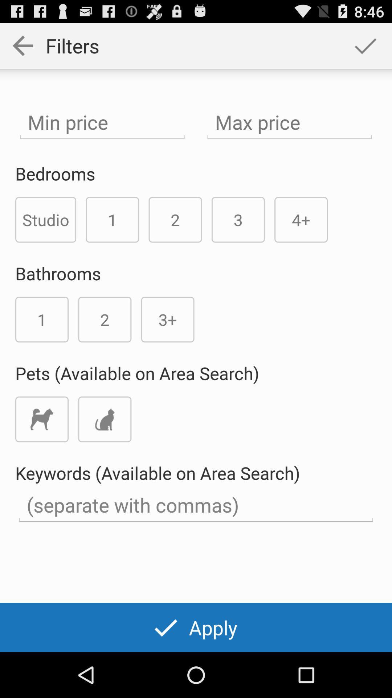  What do you see at coordinates (301, 219) in the screenshot?
I see `the icon next to 3 icon` at bounding box center [301, 219].